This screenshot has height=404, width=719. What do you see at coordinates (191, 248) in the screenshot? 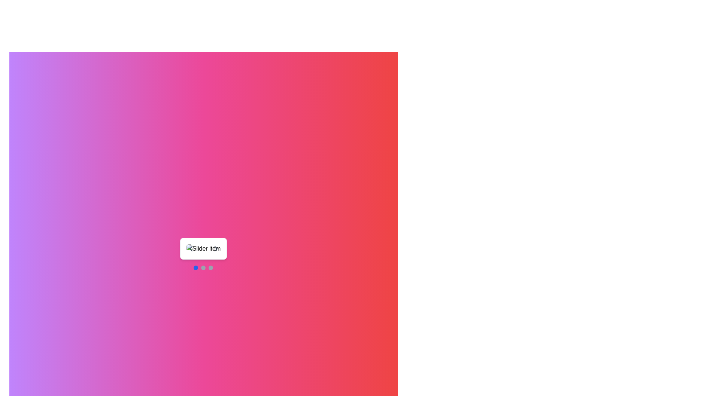
I see `the left navigation button represented as an SVG element` at bounding box center [191, 248].